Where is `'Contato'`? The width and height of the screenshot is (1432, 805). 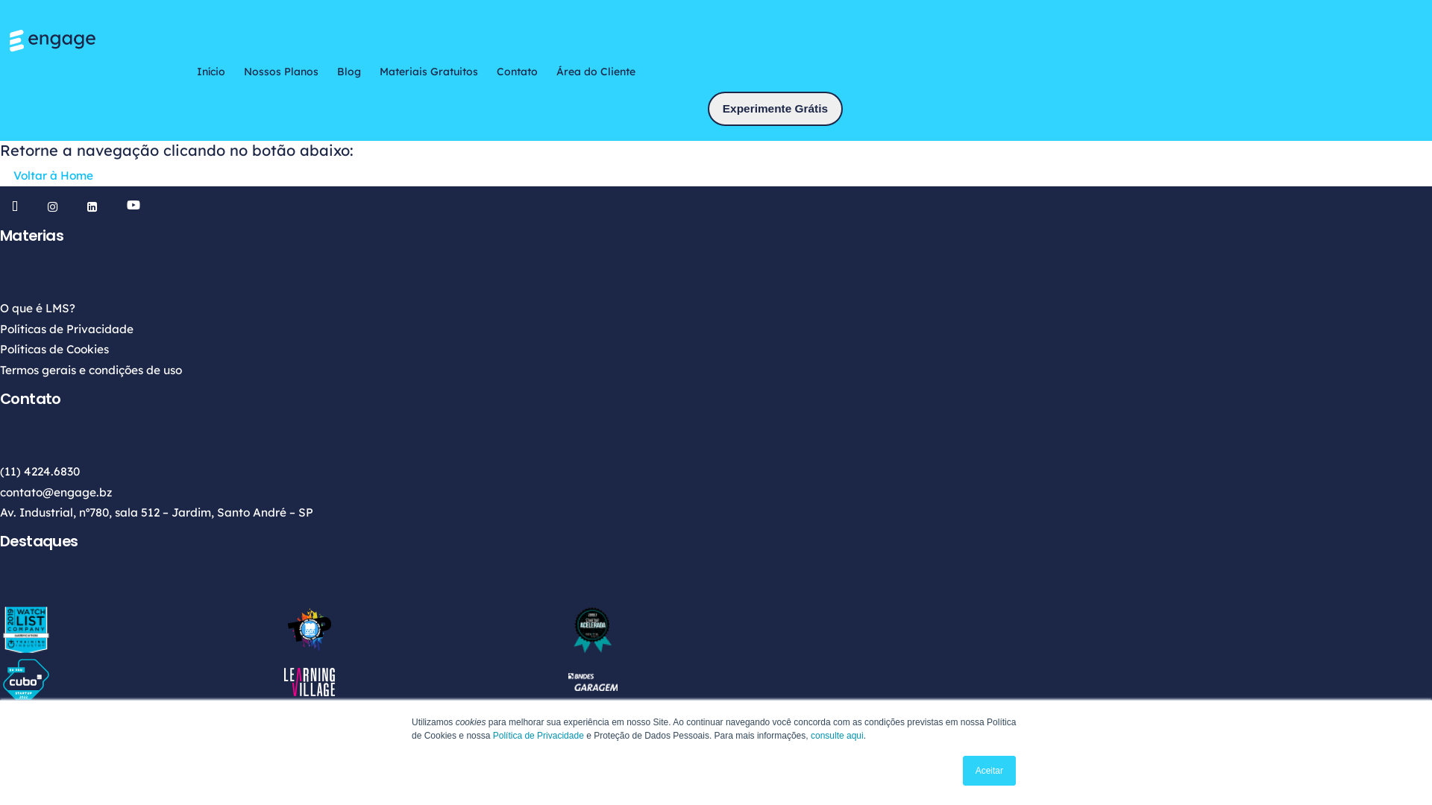
'Contato' is located at coordinates (517, 72).